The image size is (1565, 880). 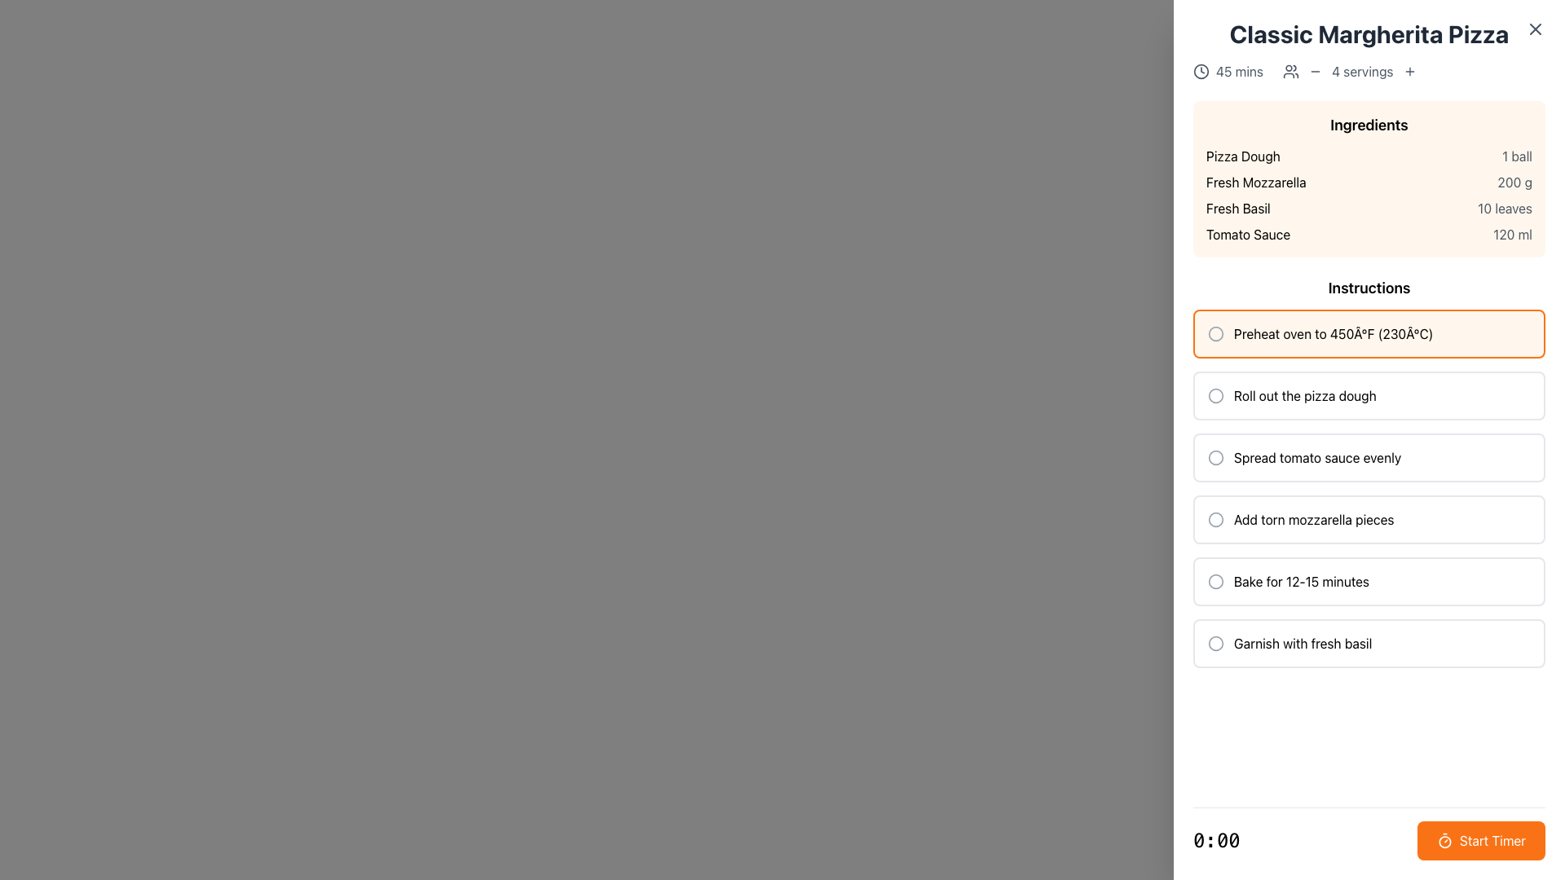 What do you see at coordinates (1216, 580) in the screenshot?
I see `fifth icon in the 'Instructions' section that indicates the status for the instruction 'Bake for 12–15 minutes'` at bounding box center [1216, 580].